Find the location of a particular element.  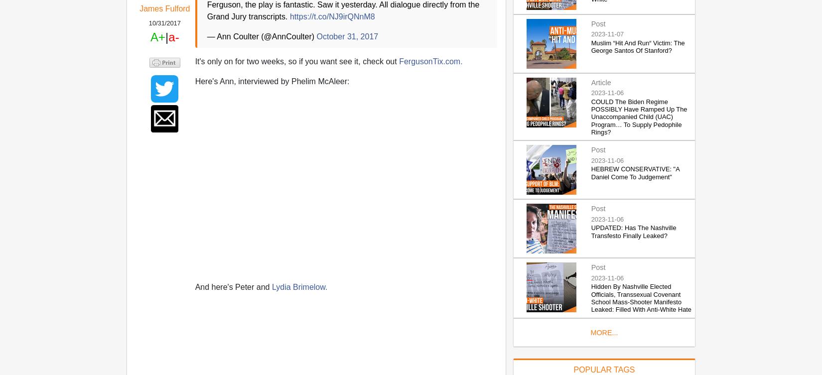

'A+' is located at coordinates (157, 37).